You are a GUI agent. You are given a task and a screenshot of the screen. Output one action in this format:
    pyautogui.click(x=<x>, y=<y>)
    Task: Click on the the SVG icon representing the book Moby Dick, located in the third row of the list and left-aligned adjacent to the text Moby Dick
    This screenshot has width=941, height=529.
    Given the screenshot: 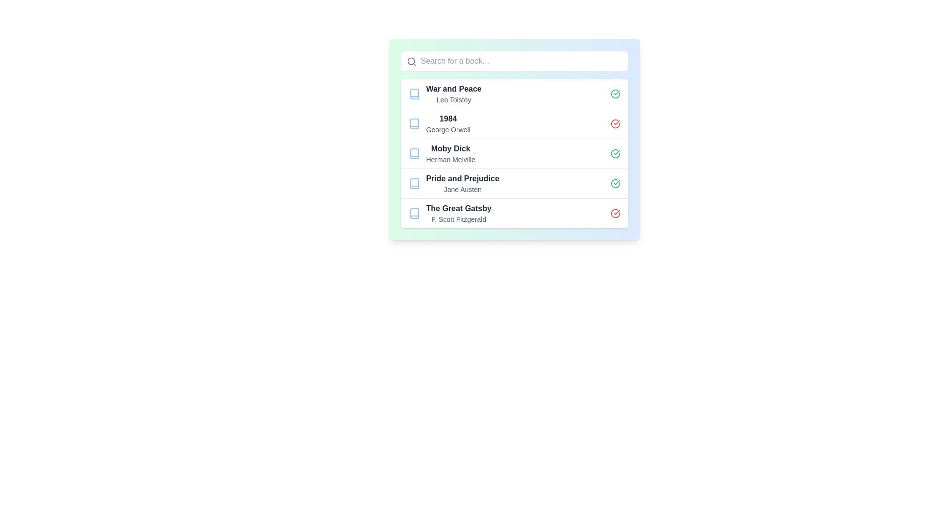 What is the action you would take?
    pyautogui.click(x=414, y=153)
    